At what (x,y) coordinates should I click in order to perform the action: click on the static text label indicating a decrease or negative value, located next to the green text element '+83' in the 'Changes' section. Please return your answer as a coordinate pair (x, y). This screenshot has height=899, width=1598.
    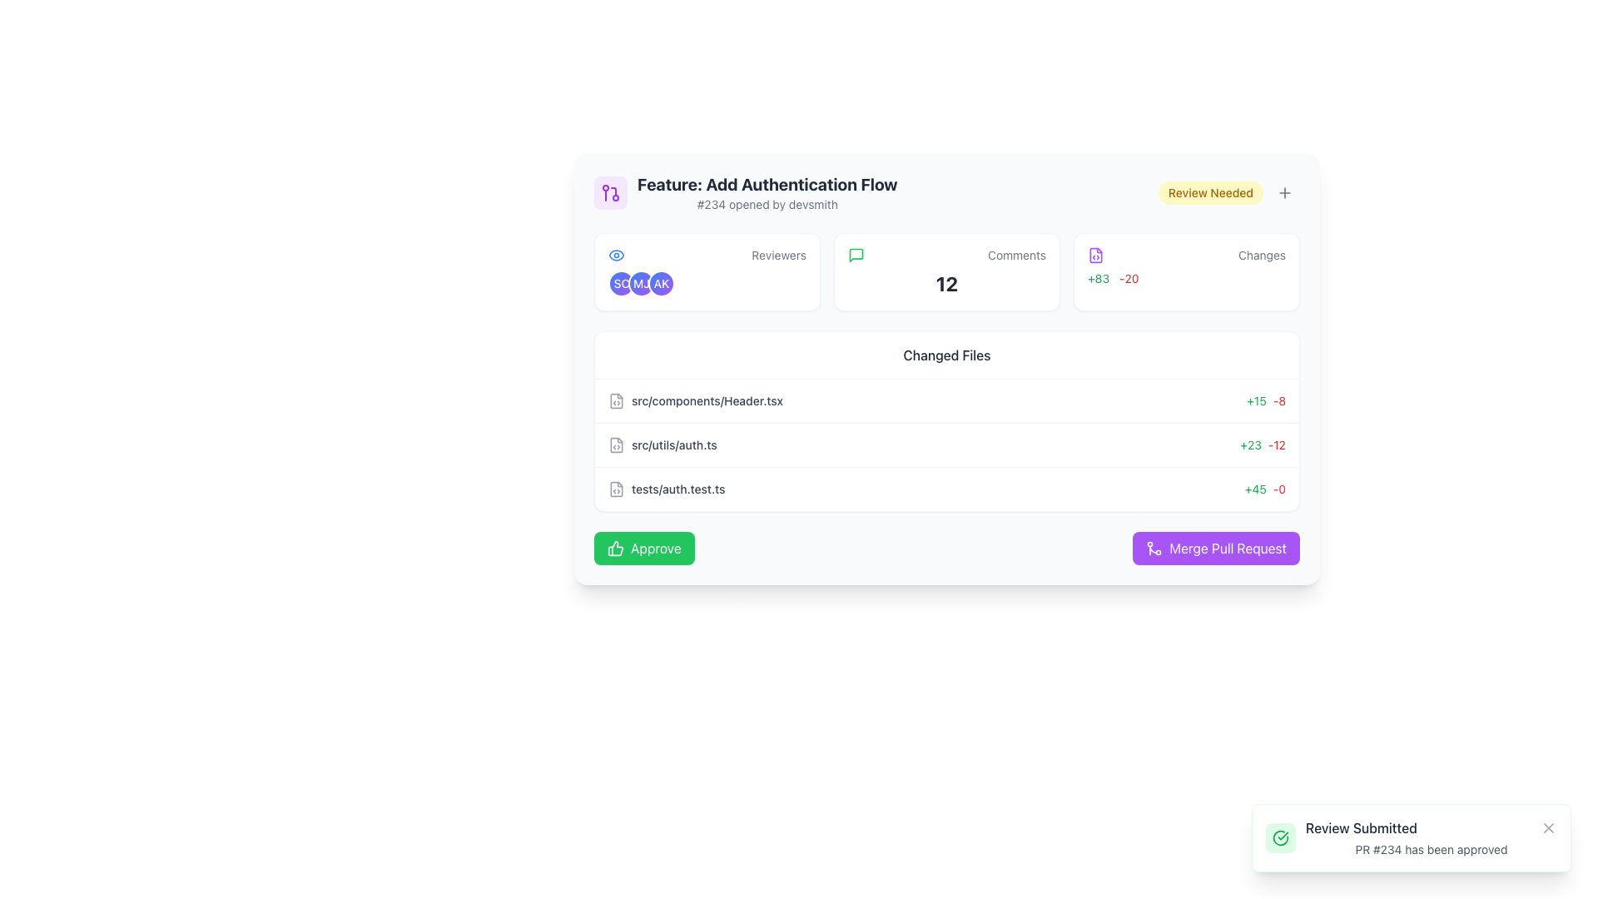
    Looking at the image, I should click on (1129, 278).